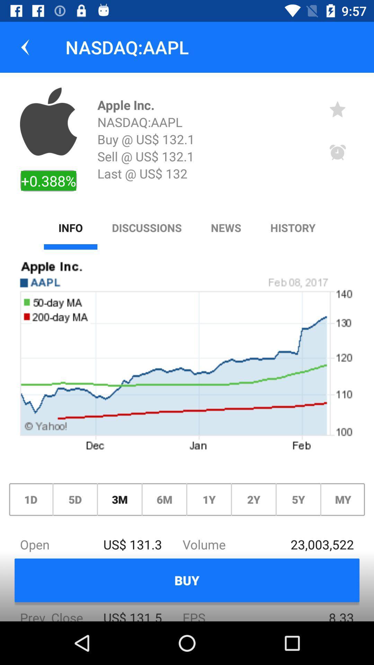 Image resolution: width=374 pixels, height=665 pixels. What do you see at coordinates (48, 121) in the screenshot?
I see `the iphone symbol` at bounding box center [48, 121].